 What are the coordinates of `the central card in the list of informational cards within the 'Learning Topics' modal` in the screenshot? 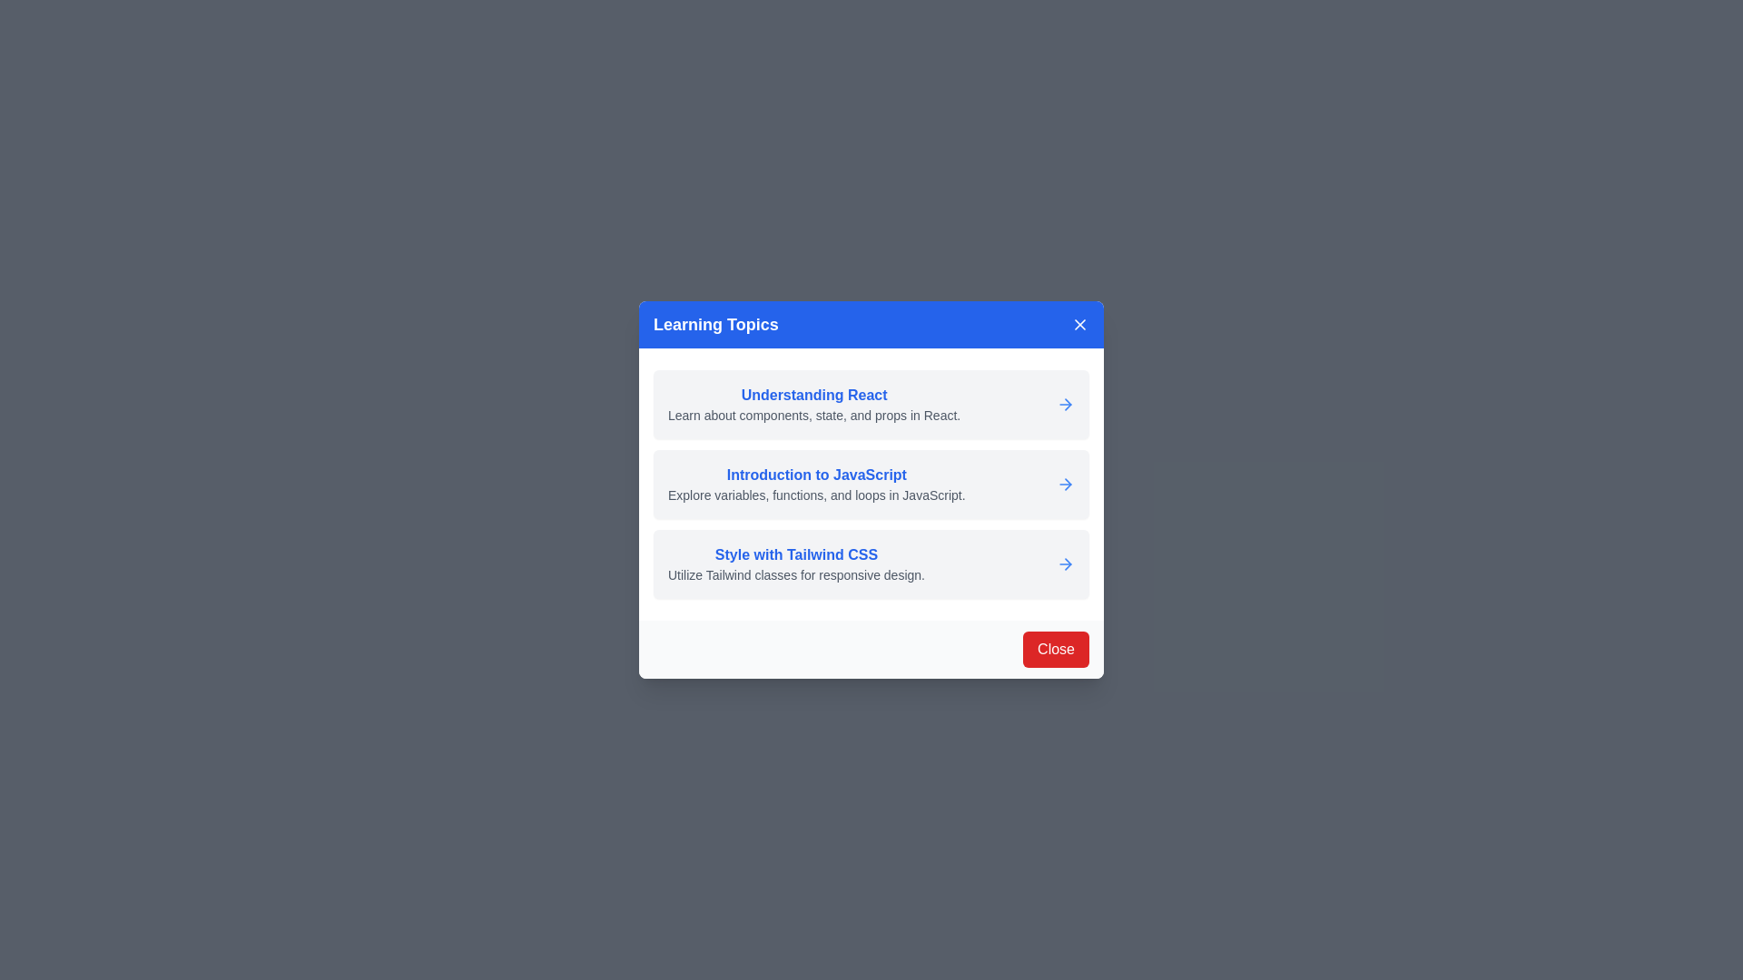 It's located at (871, 483).